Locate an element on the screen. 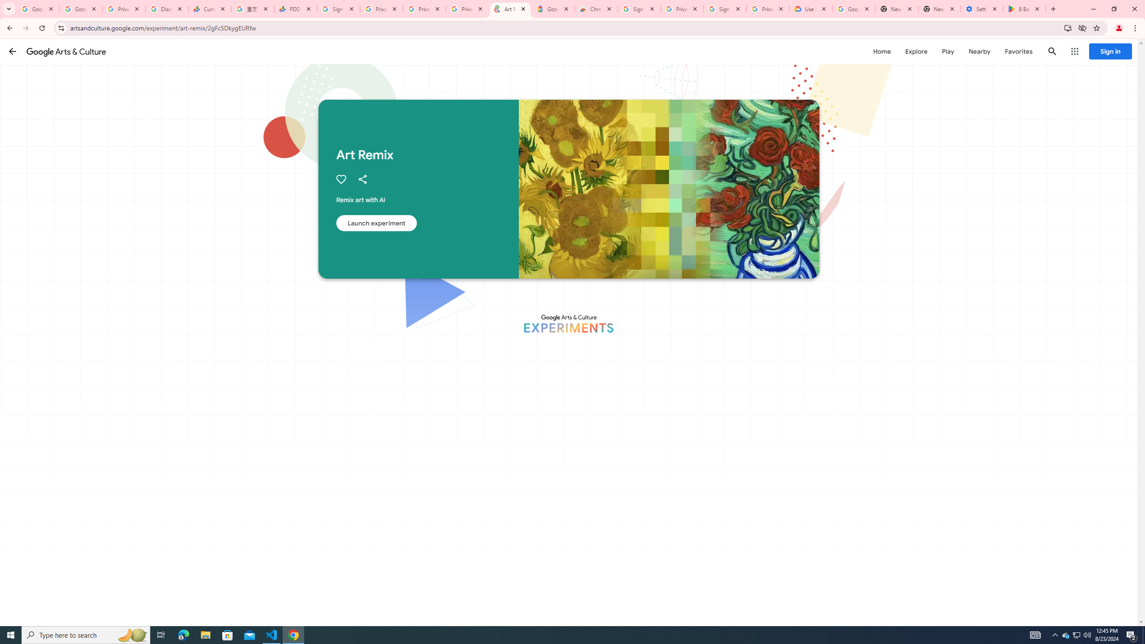 Image resolution: width=1145 pixels, height=644 pixels. 'Chrome Web Store - Color themes by Chrome' is located at coordinates (596, 8).